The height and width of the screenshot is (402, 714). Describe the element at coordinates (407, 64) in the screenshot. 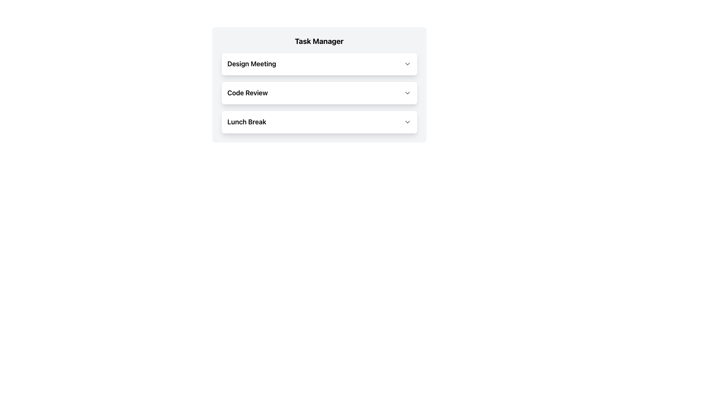

I see `the toggle icon button located to the far right of the 'Design Meeting' entry` at that location.